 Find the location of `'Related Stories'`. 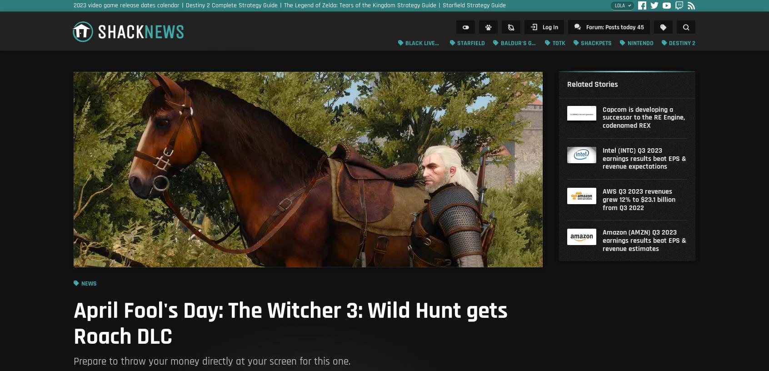

'Related Stories' is located at coordinates (592, 84).